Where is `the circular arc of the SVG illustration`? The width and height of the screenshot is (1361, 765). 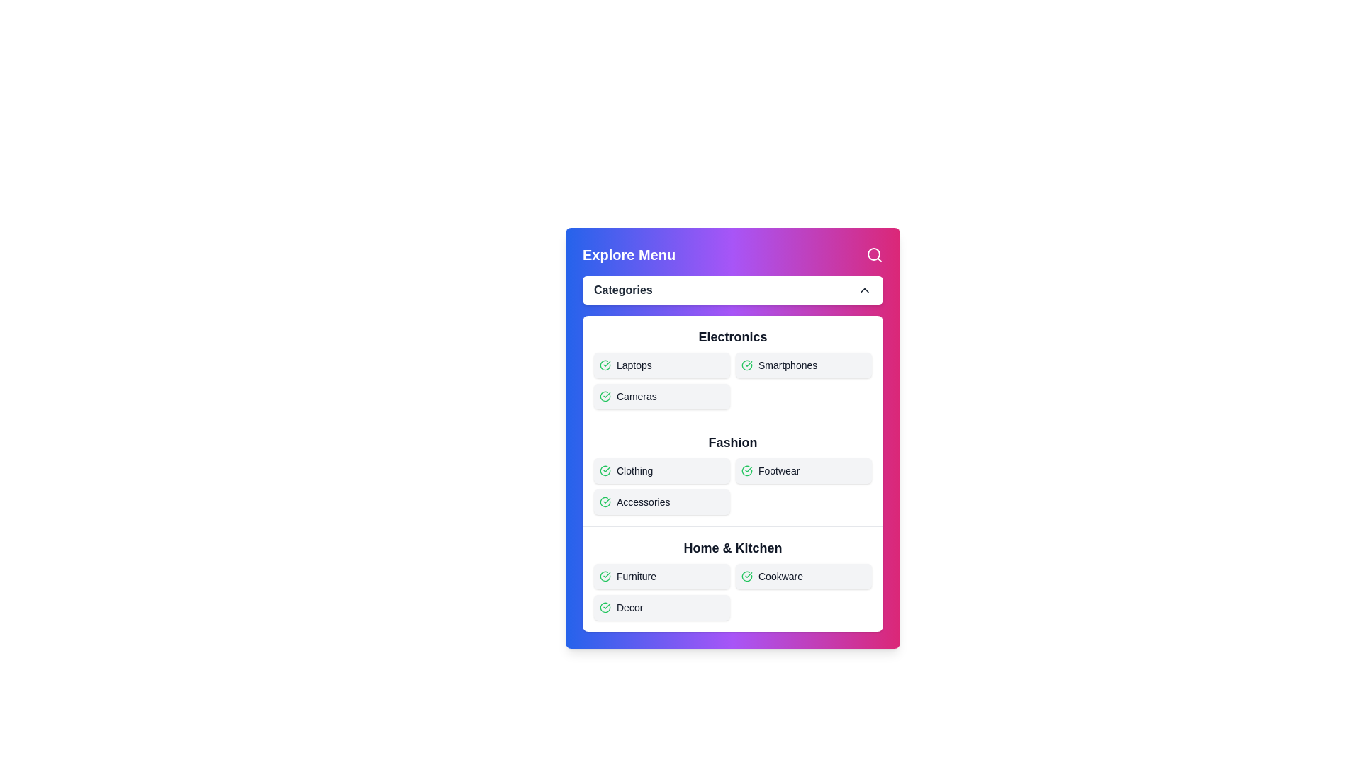
the circular arc of the SVG illustration is located at coordinates (605, 606).